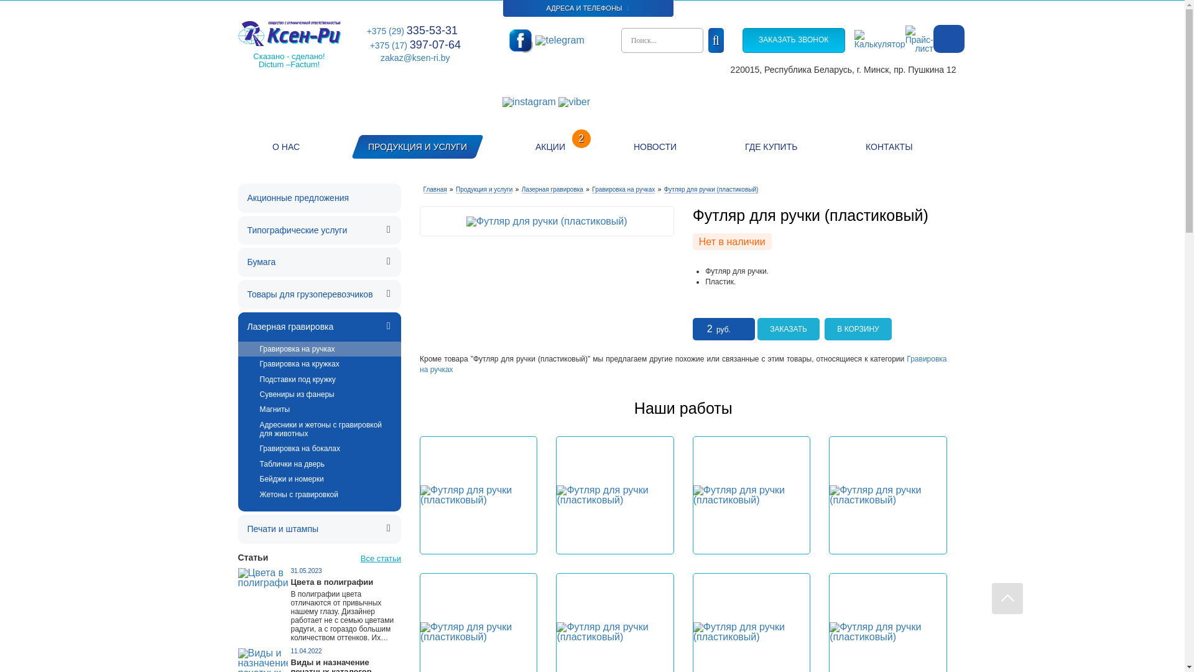 The height and width of the screenshot is (672, 1194). What do you see at coordinates (412, 30) in the screenshot?
I see `'+375 (29) 335-53-31'` at bounding box center [412, 30].